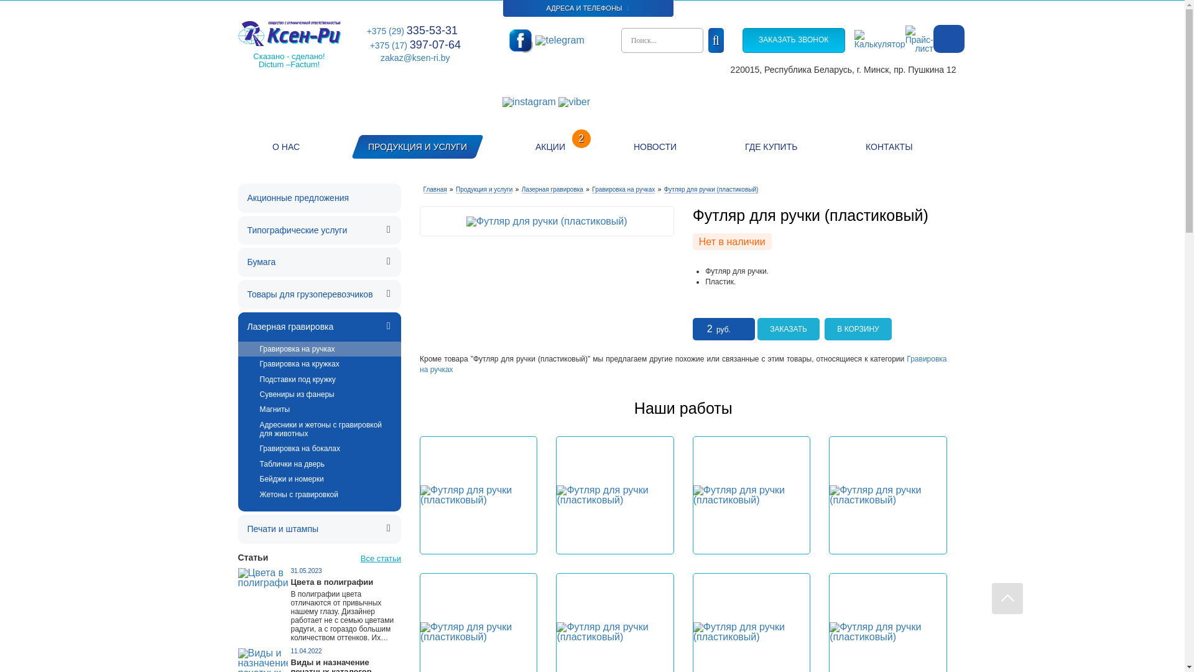 The height and width of the screenshot is (672, 1194). What do you see at coordinates (412, 30) in the screenshot?
I see `'+375 (29) 335-53-31'` at bounding box center [412, 30].